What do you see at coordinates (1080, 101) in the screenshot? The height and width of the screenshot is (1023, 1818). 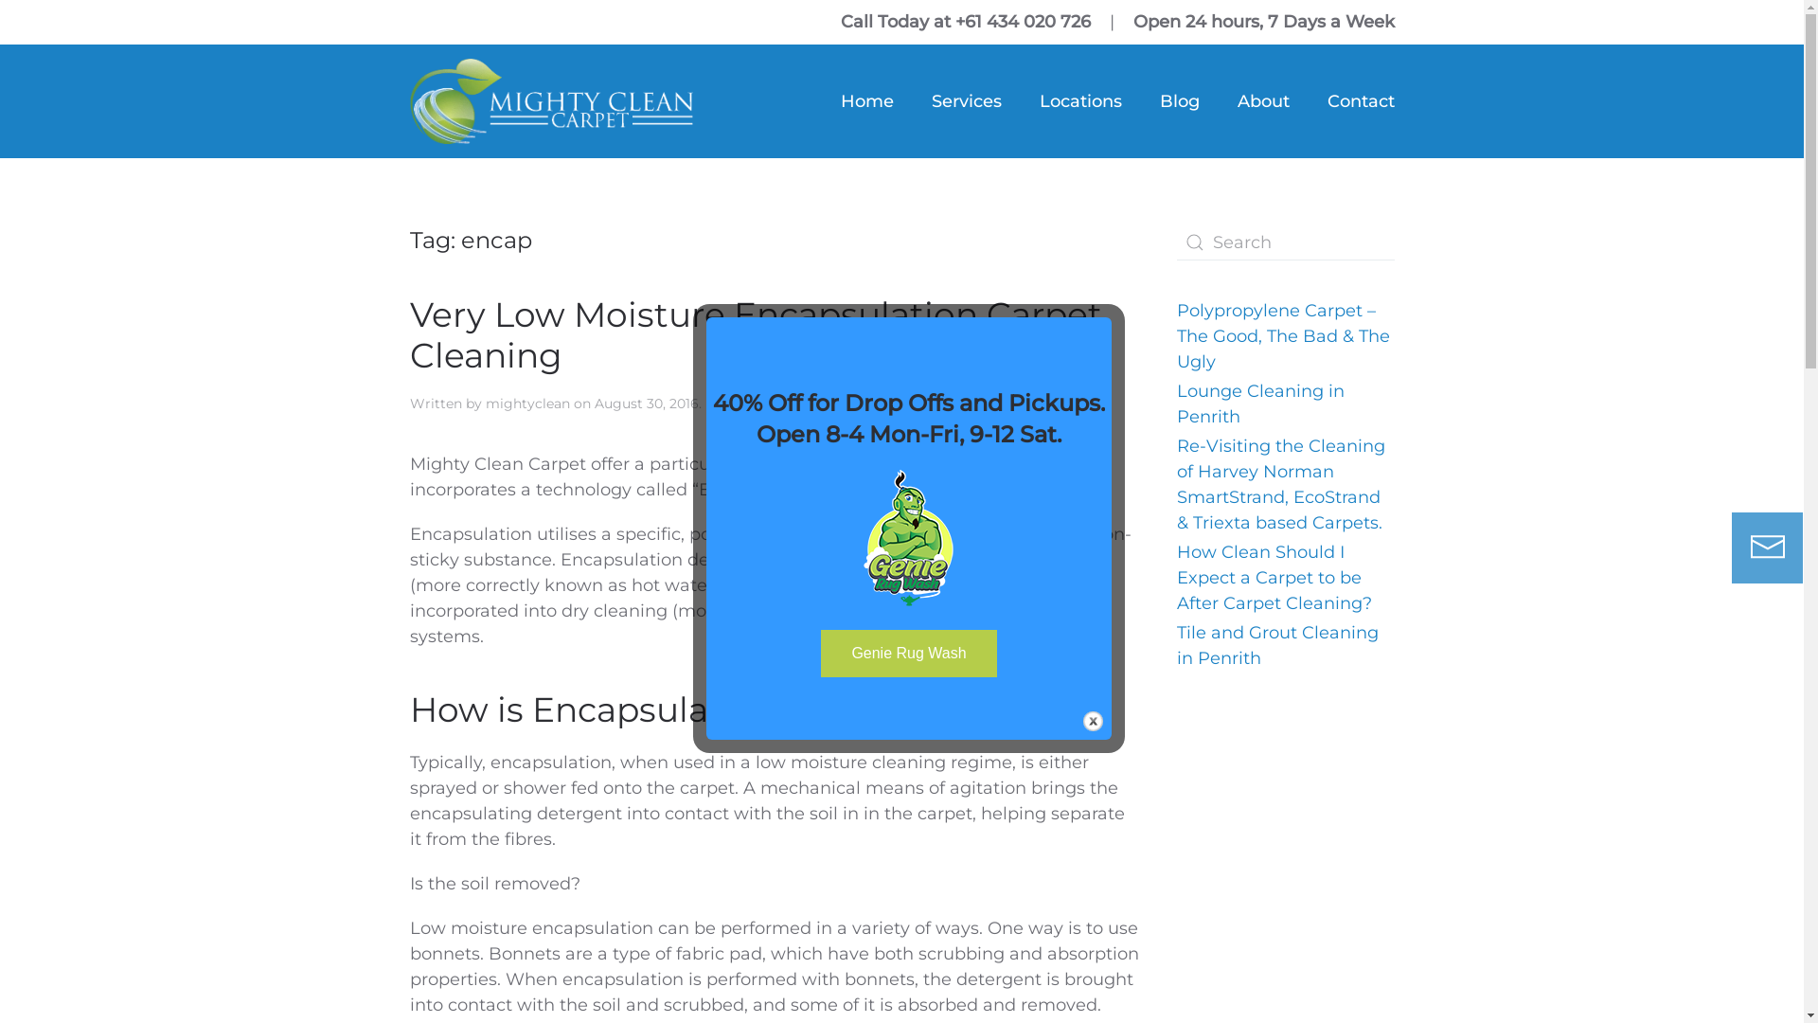 I see `'Locations'` at bounding box center [1080, 101].